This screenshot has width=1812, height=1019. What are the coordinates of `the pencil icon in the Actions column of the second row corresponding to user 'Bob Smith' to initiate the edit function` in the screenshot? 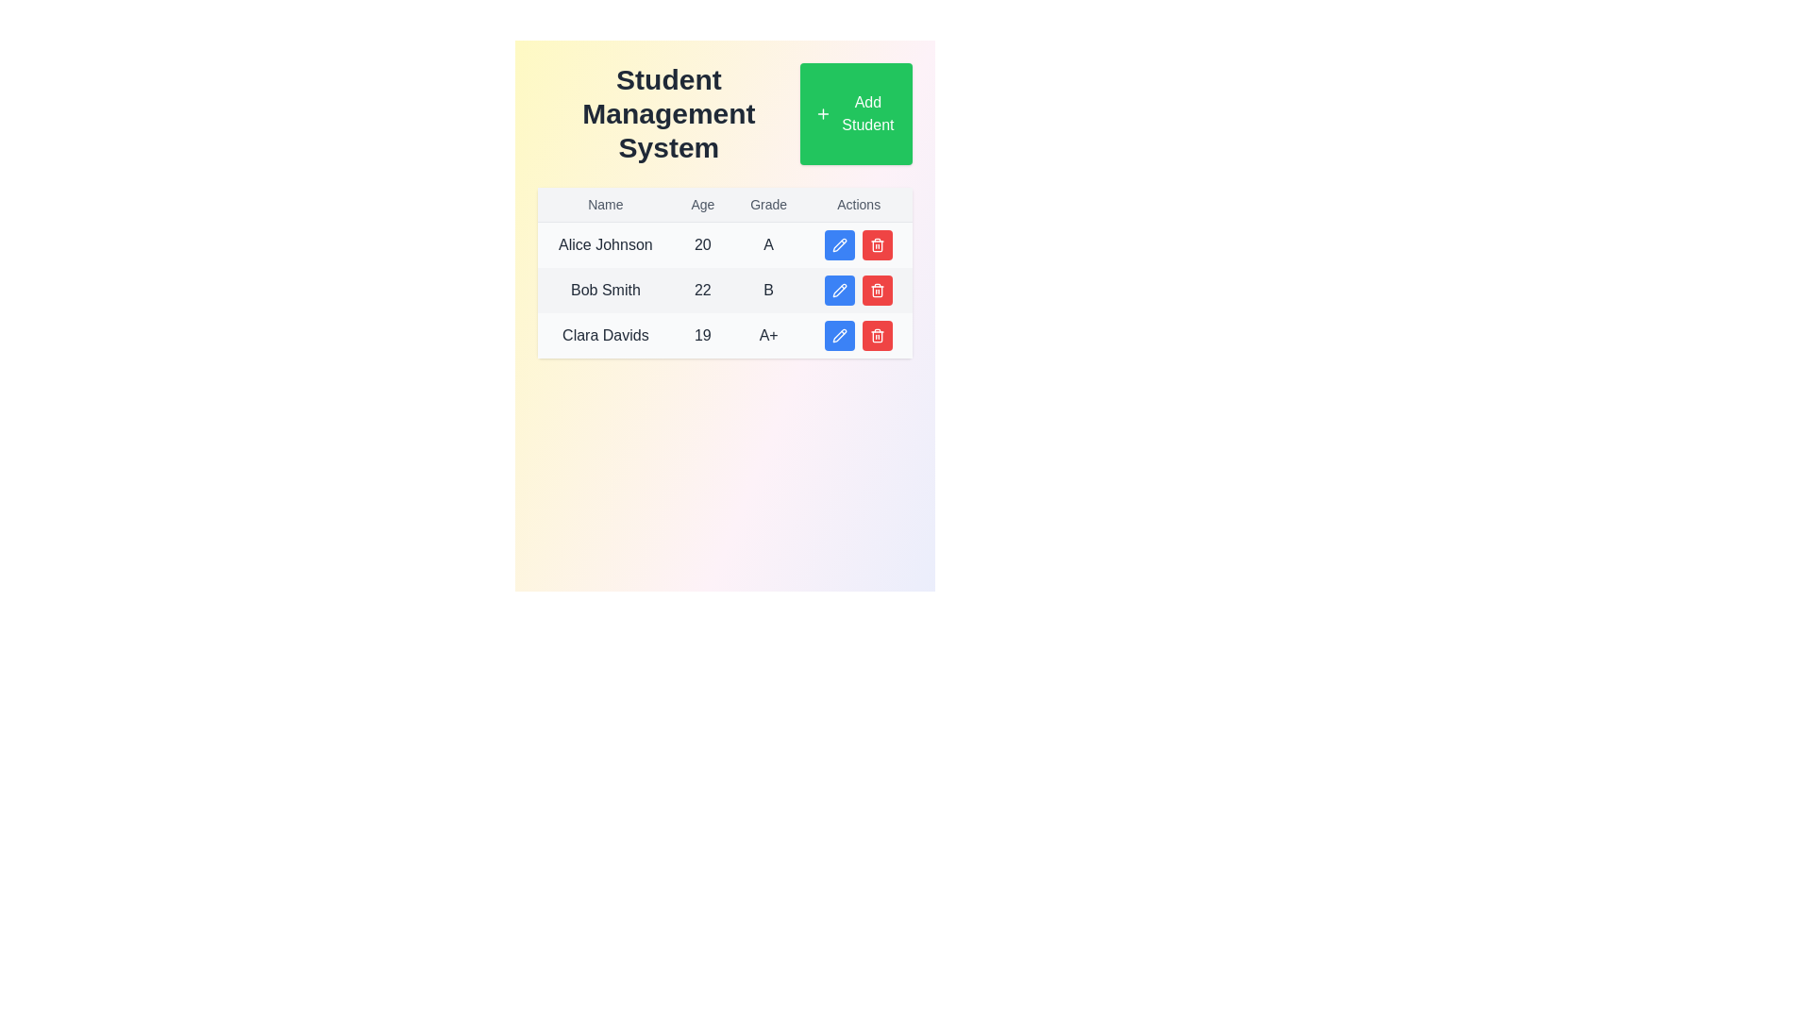 It's located at (838, 333).